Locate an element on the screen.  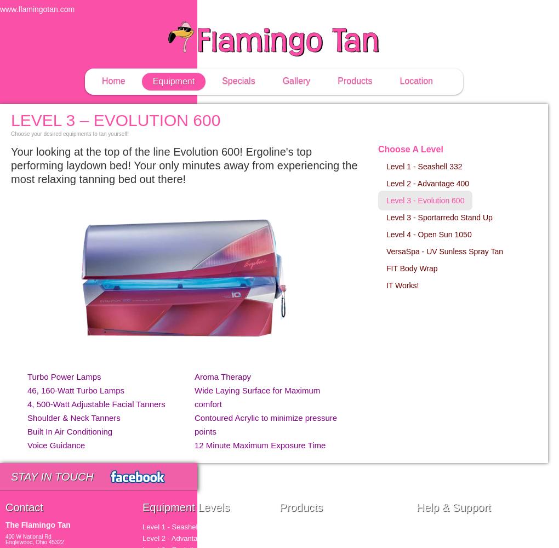
'Aroma Therapy' is located at coordinates (223, 376).